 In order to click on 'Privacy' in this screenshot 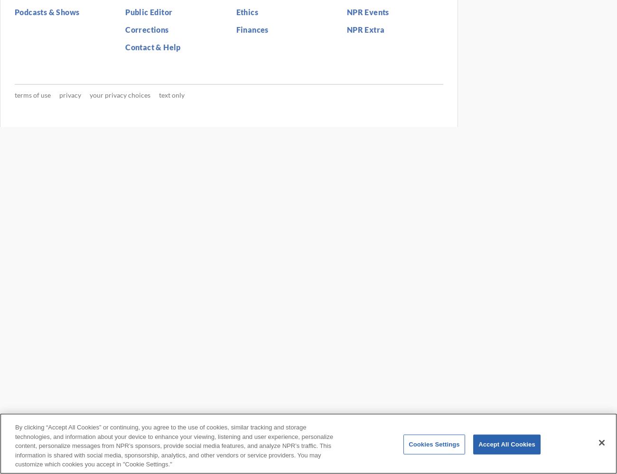, I will do `click(69, 94)`.